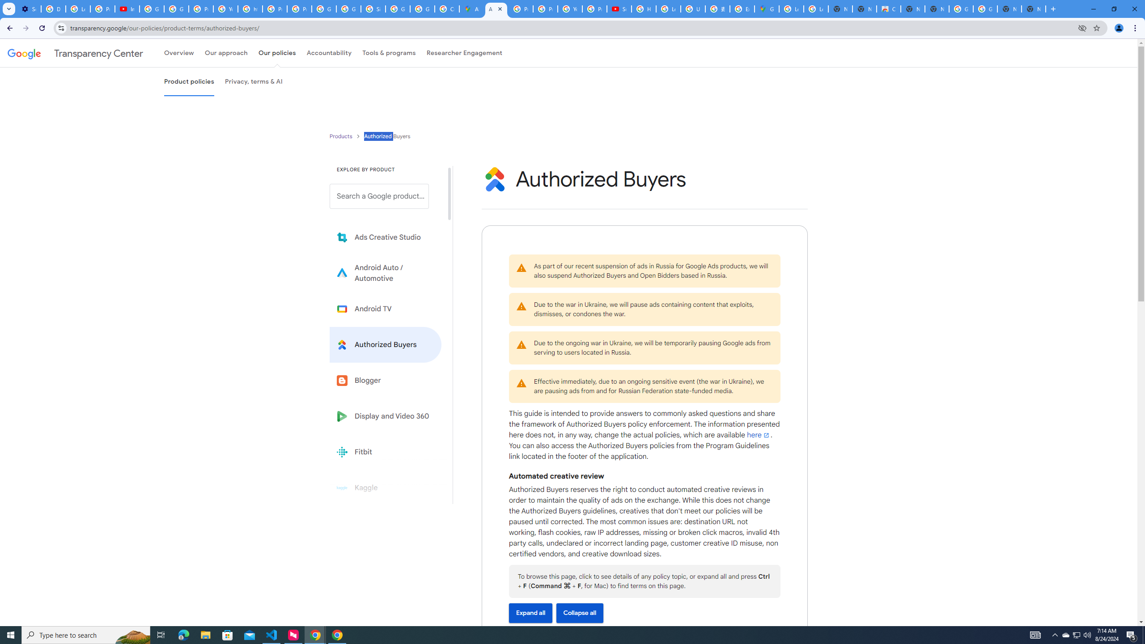  What do you see at coordinates (178, 53) in the screenshot?
I see `'Overview'` at bounding box center [178, 53].